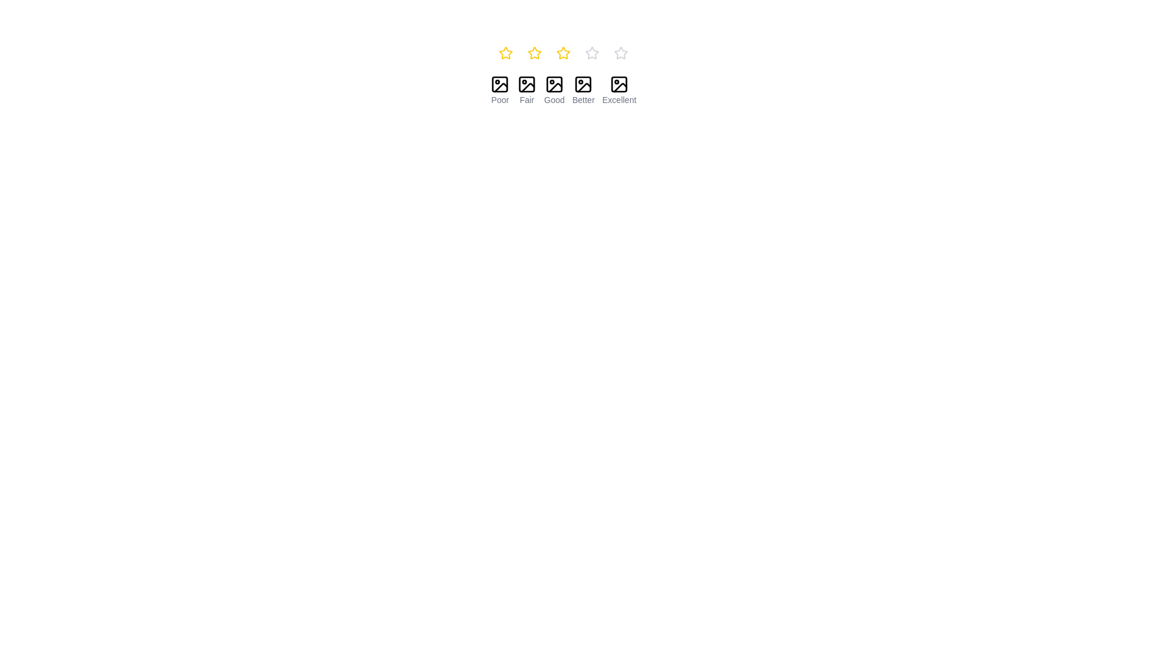 The height and width of the screenshot is (647, 1151). What do you see at coordinates (500, 84) in the screenshot?
I see `the 'Poor' rating category icon within the SVG group, which is the first item on the right side of the first row` at bounding box center [500, 84].